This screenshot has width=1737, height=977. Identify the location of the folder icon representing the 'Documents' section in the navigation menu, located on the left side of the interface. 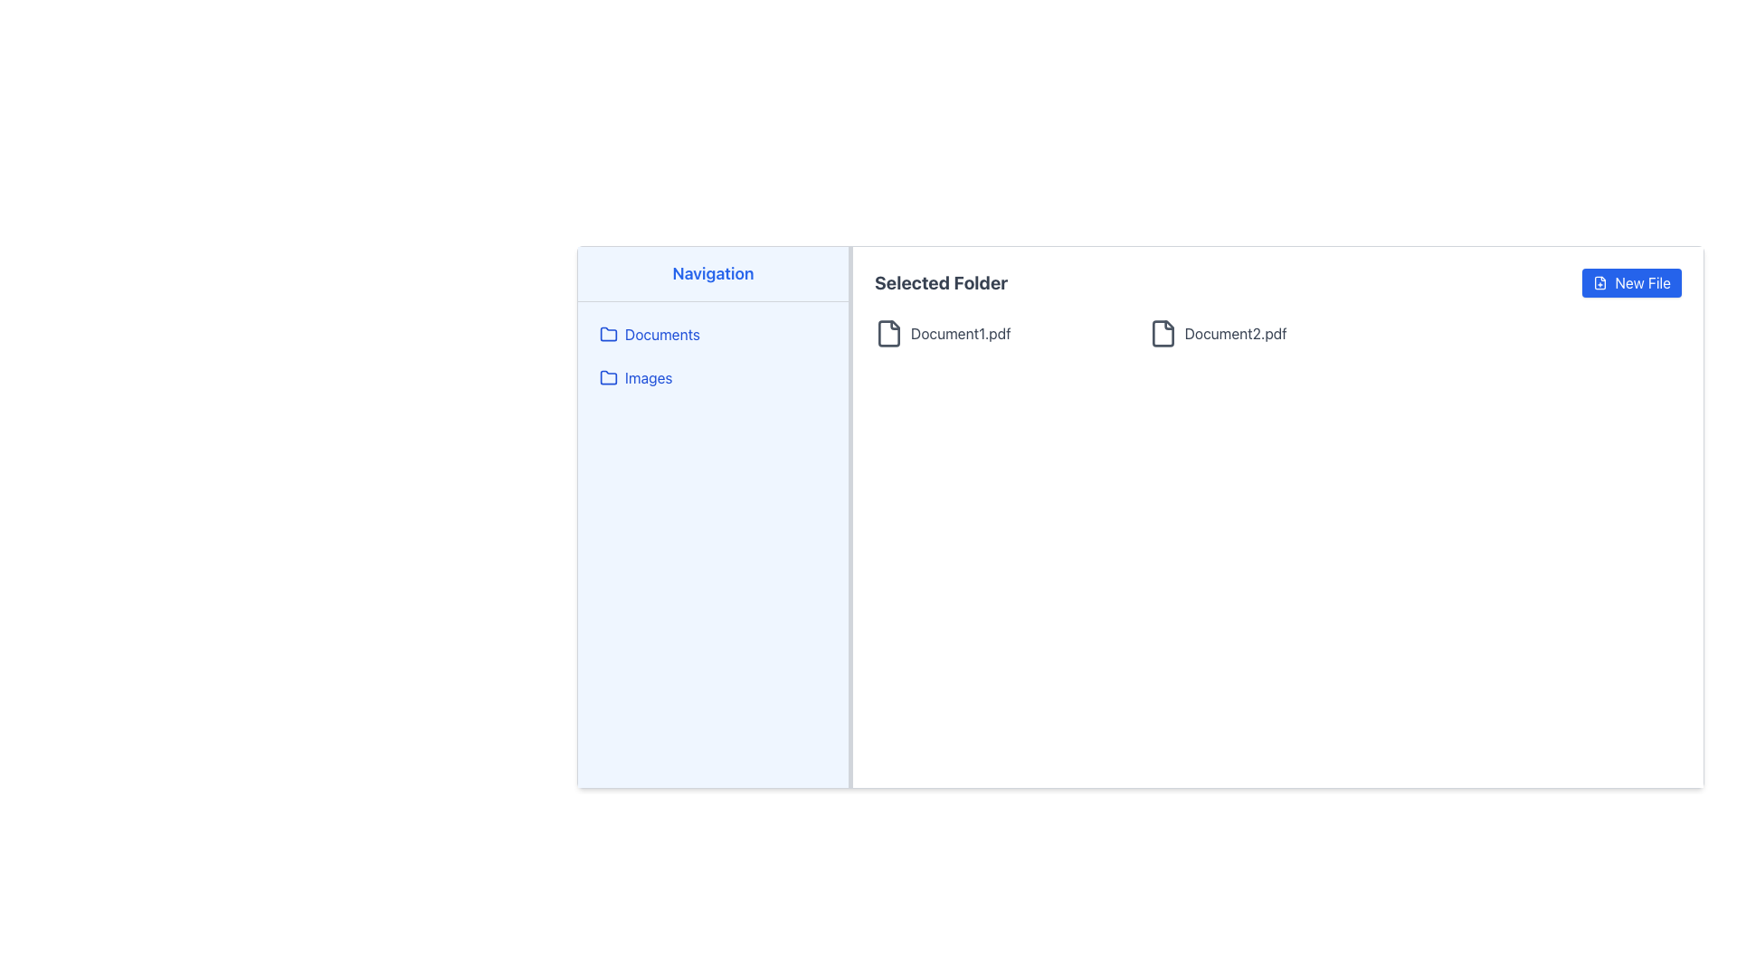
(608, 335).